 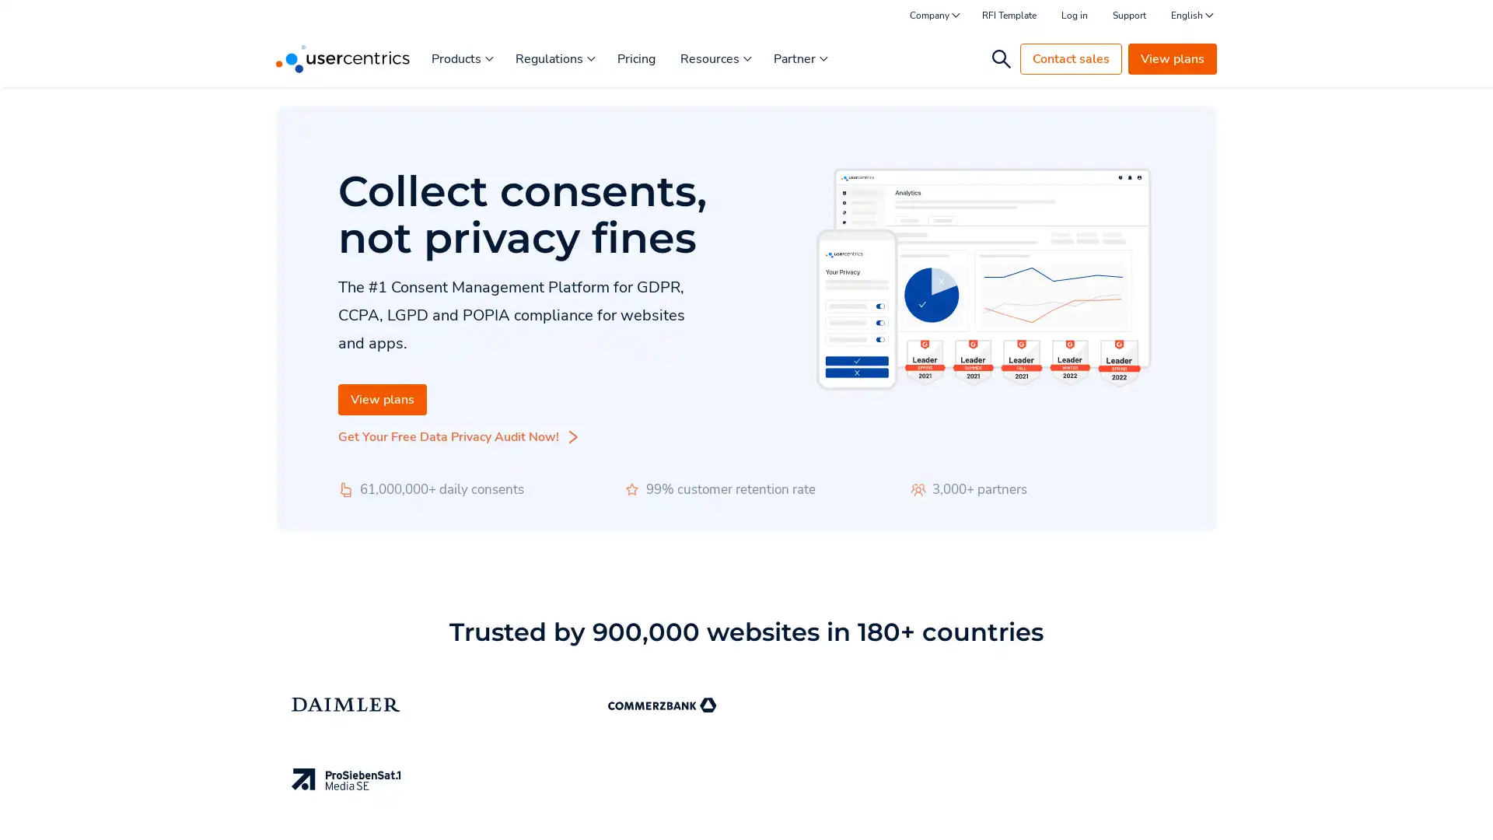 I want to click on OK, Agree to CCPA, so click(x=1151, y=805).